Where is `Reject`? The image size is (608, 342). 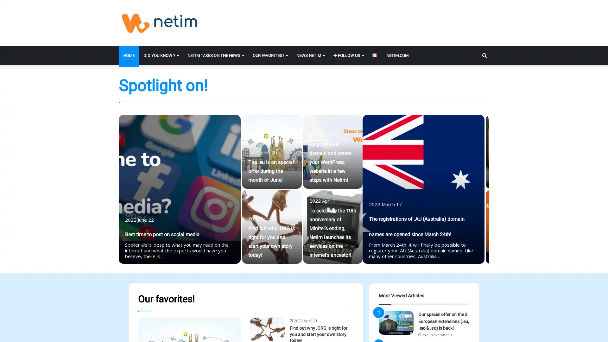 Reject is located at coordinates (420, 332).